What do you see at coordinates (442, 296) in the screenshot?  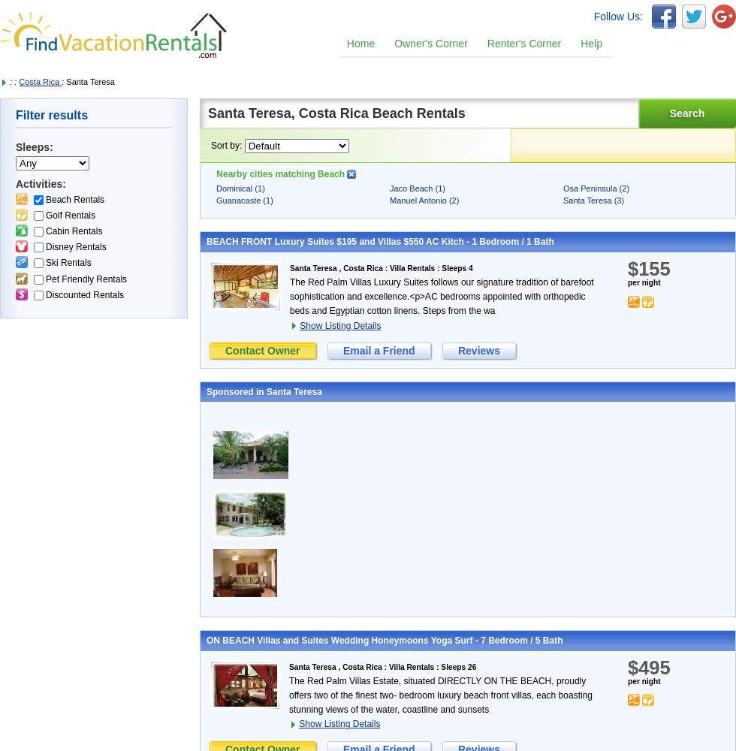 I see `'The Red Palm Villas Luxury Suites follows our signature tradition of barefoot sophistication and excellence.<p>AC bedrooms appointed with orthopedic beds and Egyptian cotton linens.  Steps from the wa'` at bounding box center [442, 296].